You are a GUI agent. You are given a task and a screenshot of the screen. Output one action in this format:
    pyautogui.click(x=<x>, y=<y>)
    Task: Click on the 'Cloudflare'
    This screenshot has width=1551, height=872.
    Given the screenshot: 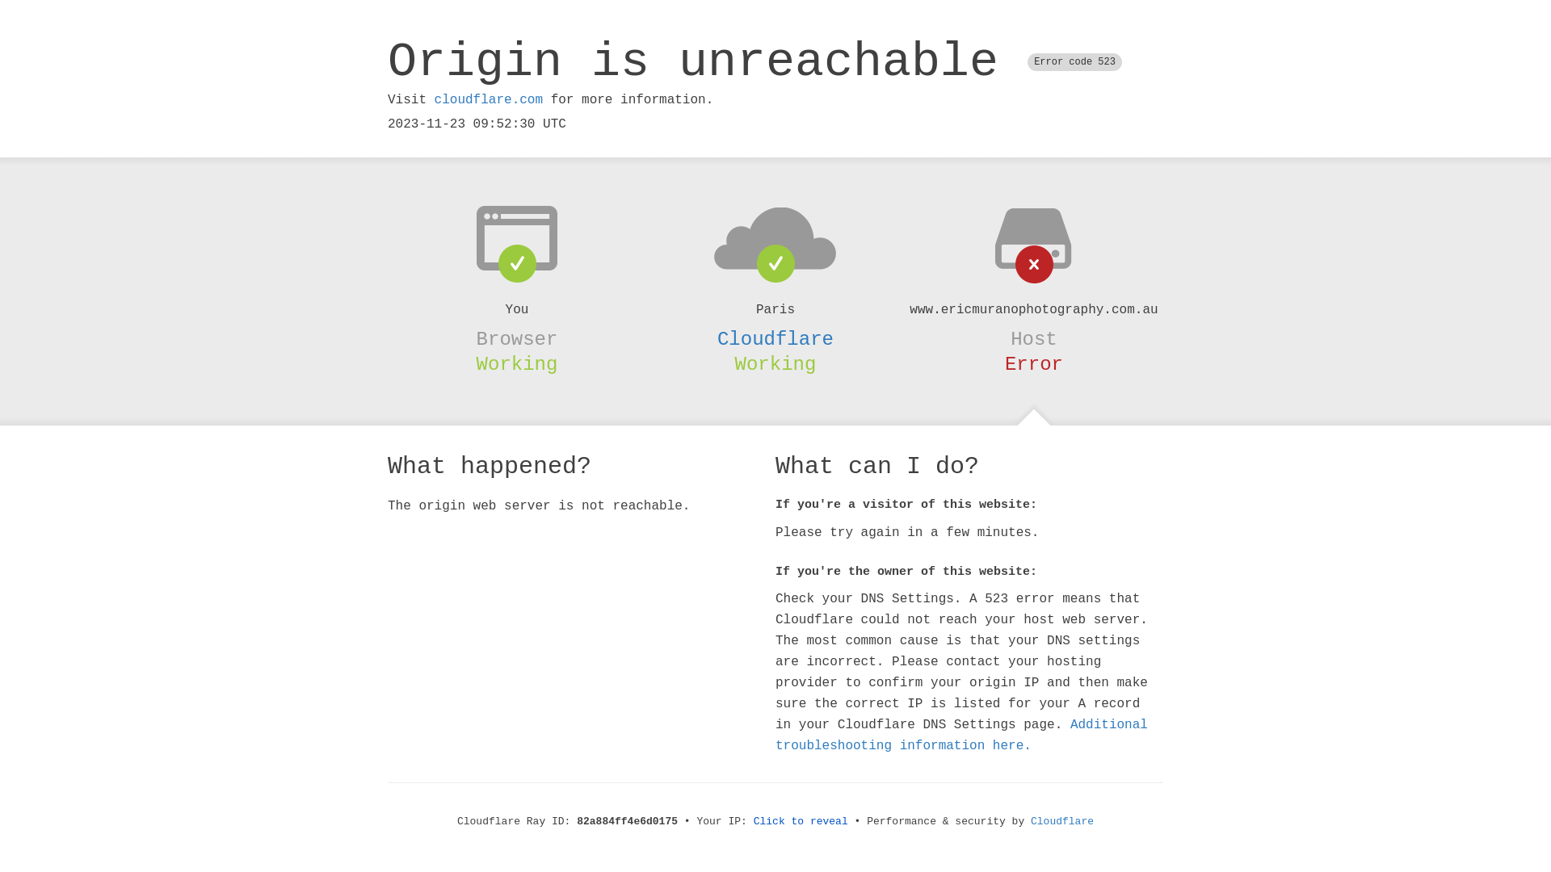 What is the action you would take?
    pyautogui.click(x=1062, y=821)
    